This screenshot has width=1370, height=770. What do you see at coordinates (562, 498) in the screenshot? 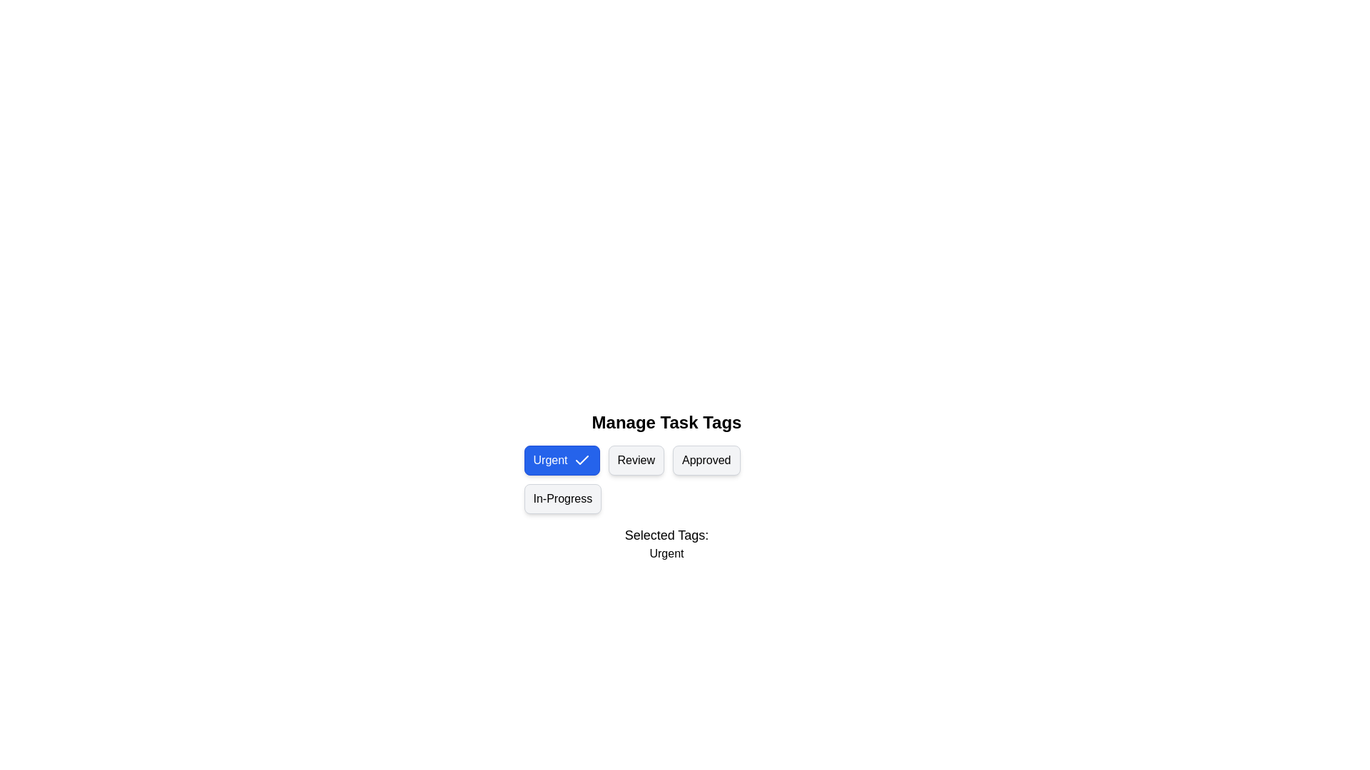
I see `the tag chip labeled 'In-Progress' to observe its hover effect` at bounding box center [562, 498].